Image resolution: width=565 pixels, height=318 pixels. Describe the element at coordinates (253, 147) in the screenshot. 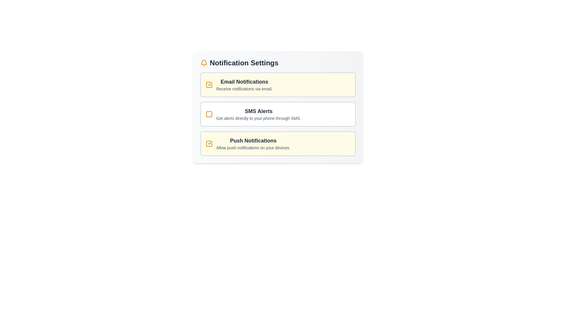

I see `the static text element that informs users about the purpose of enabling push notifications, located below the 'Push Notifications' heading in the settings section` at that location.